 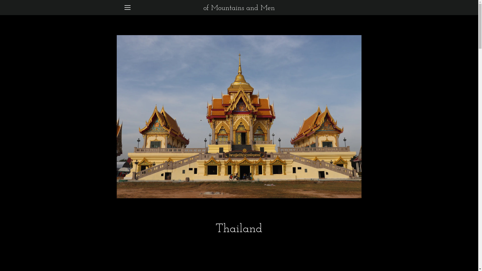 I want to click on 'of Mountains and Men', so click(x=239, y=8).